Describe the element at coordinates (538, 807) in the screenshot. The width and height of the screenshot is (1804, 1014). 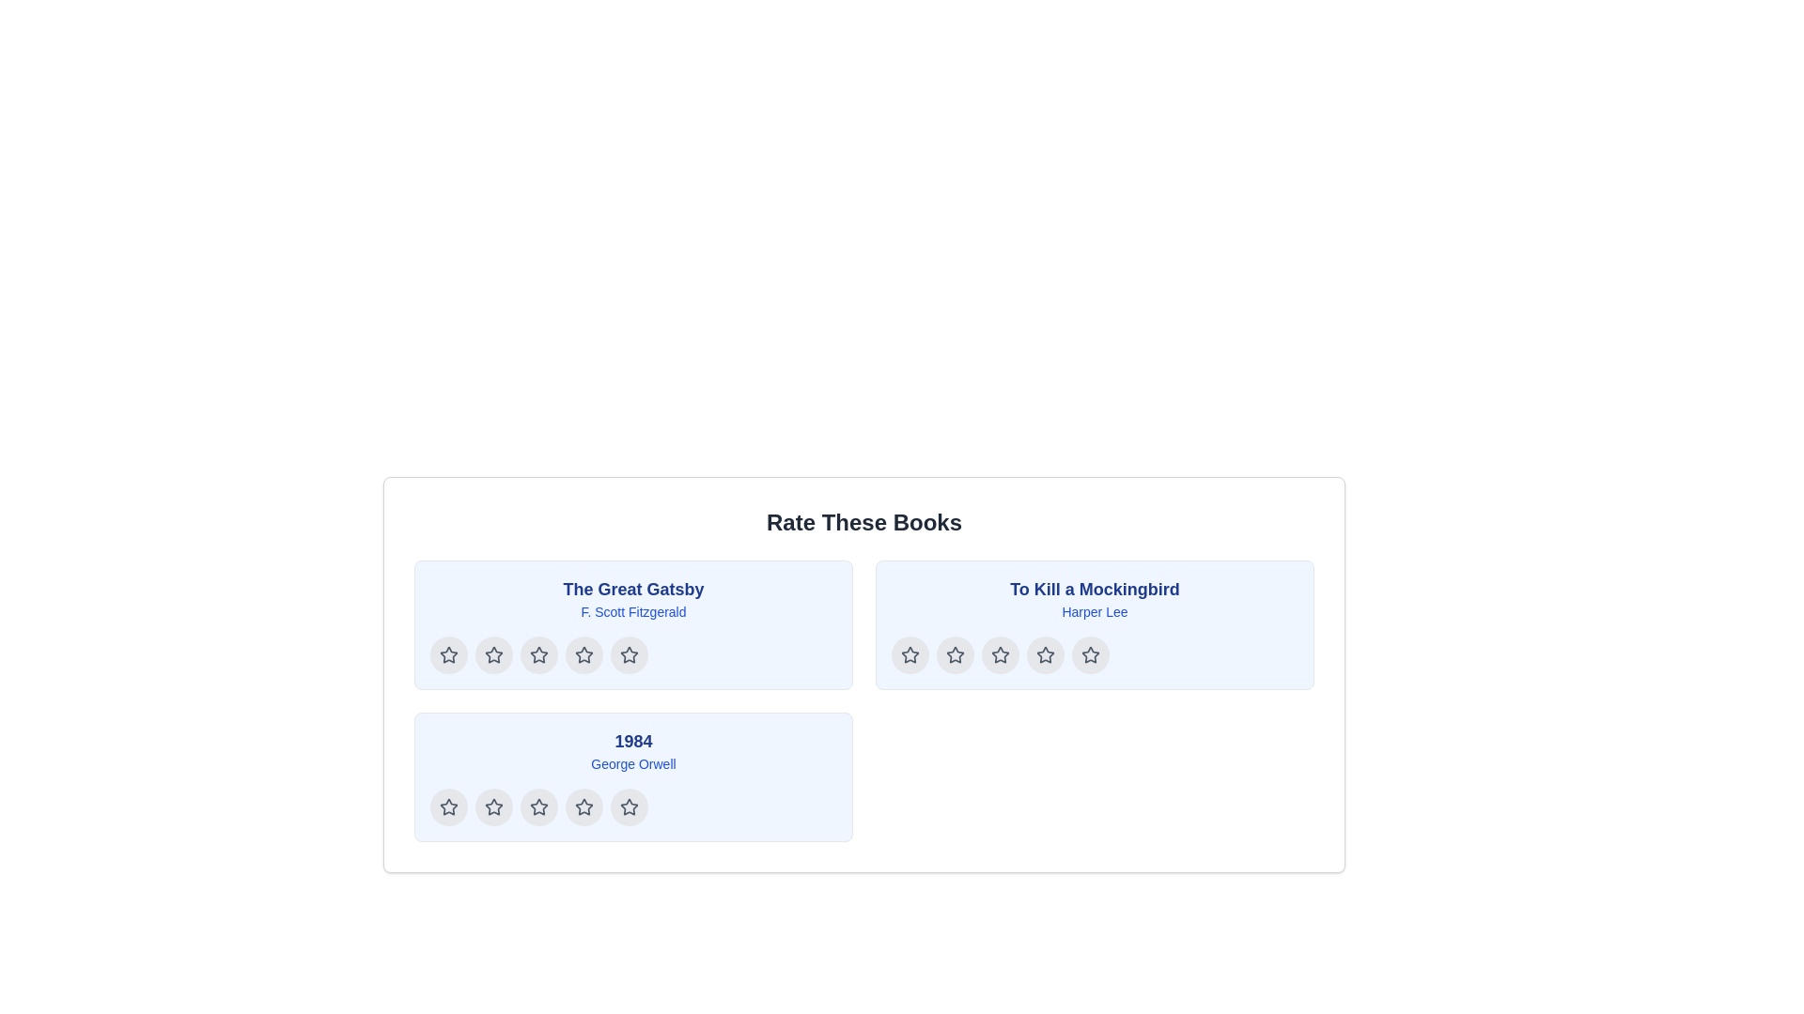
I see `the second star-shaped icon in the rating interface for '1984' by George Orwell` at that location.